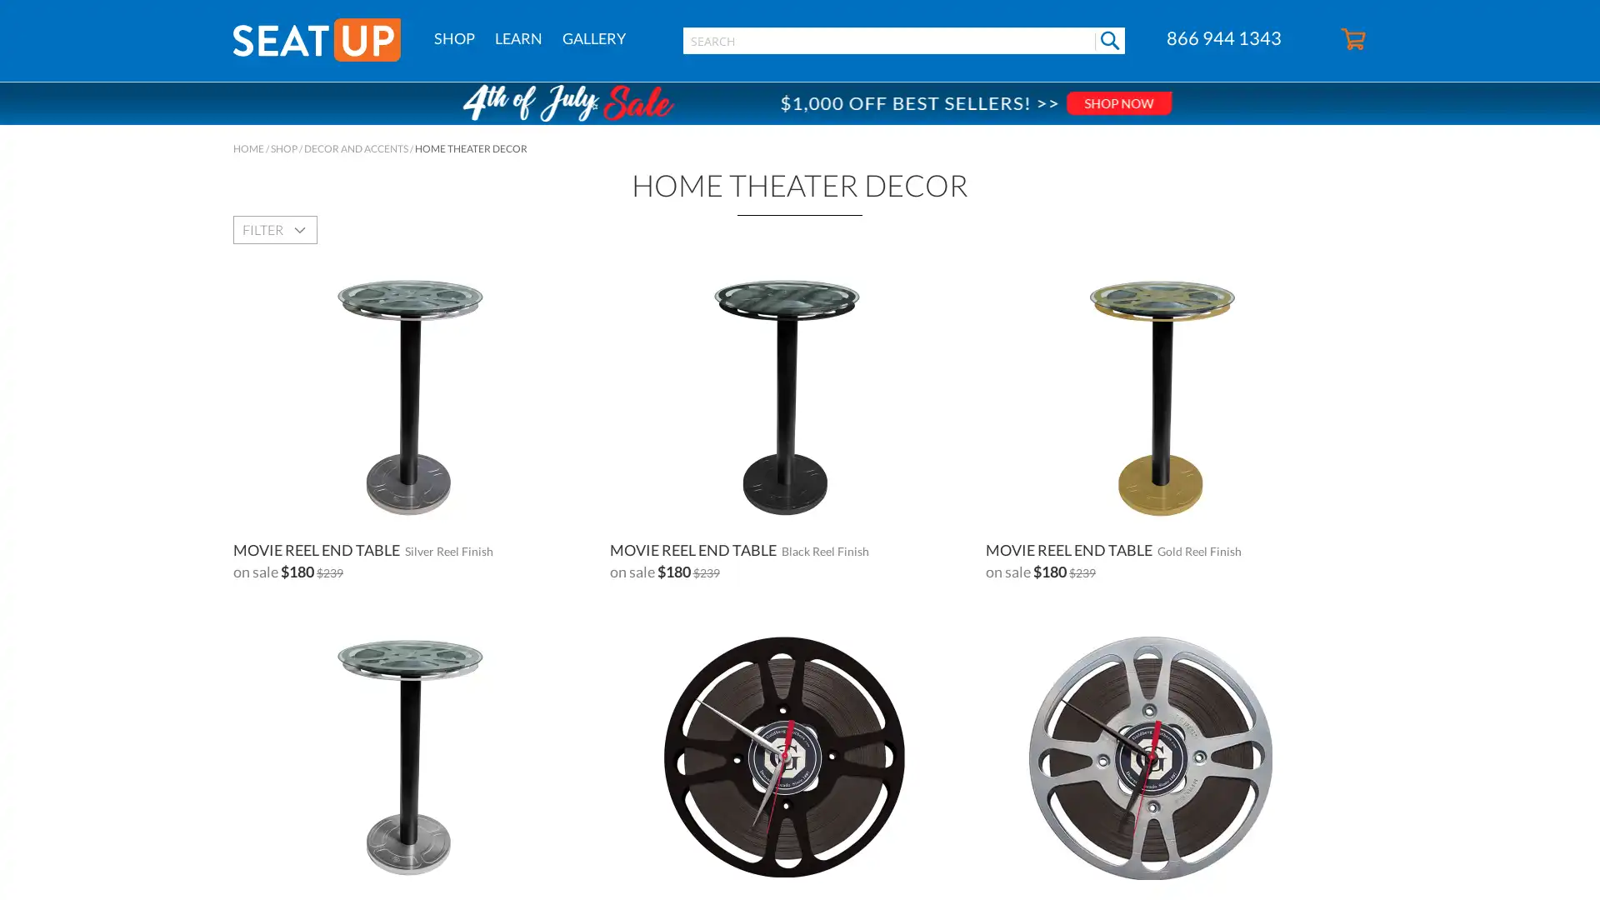  What do you see at coordinates (1109, 40) in the screenshot?
I see `Search` at bounding box center [1109, 40].